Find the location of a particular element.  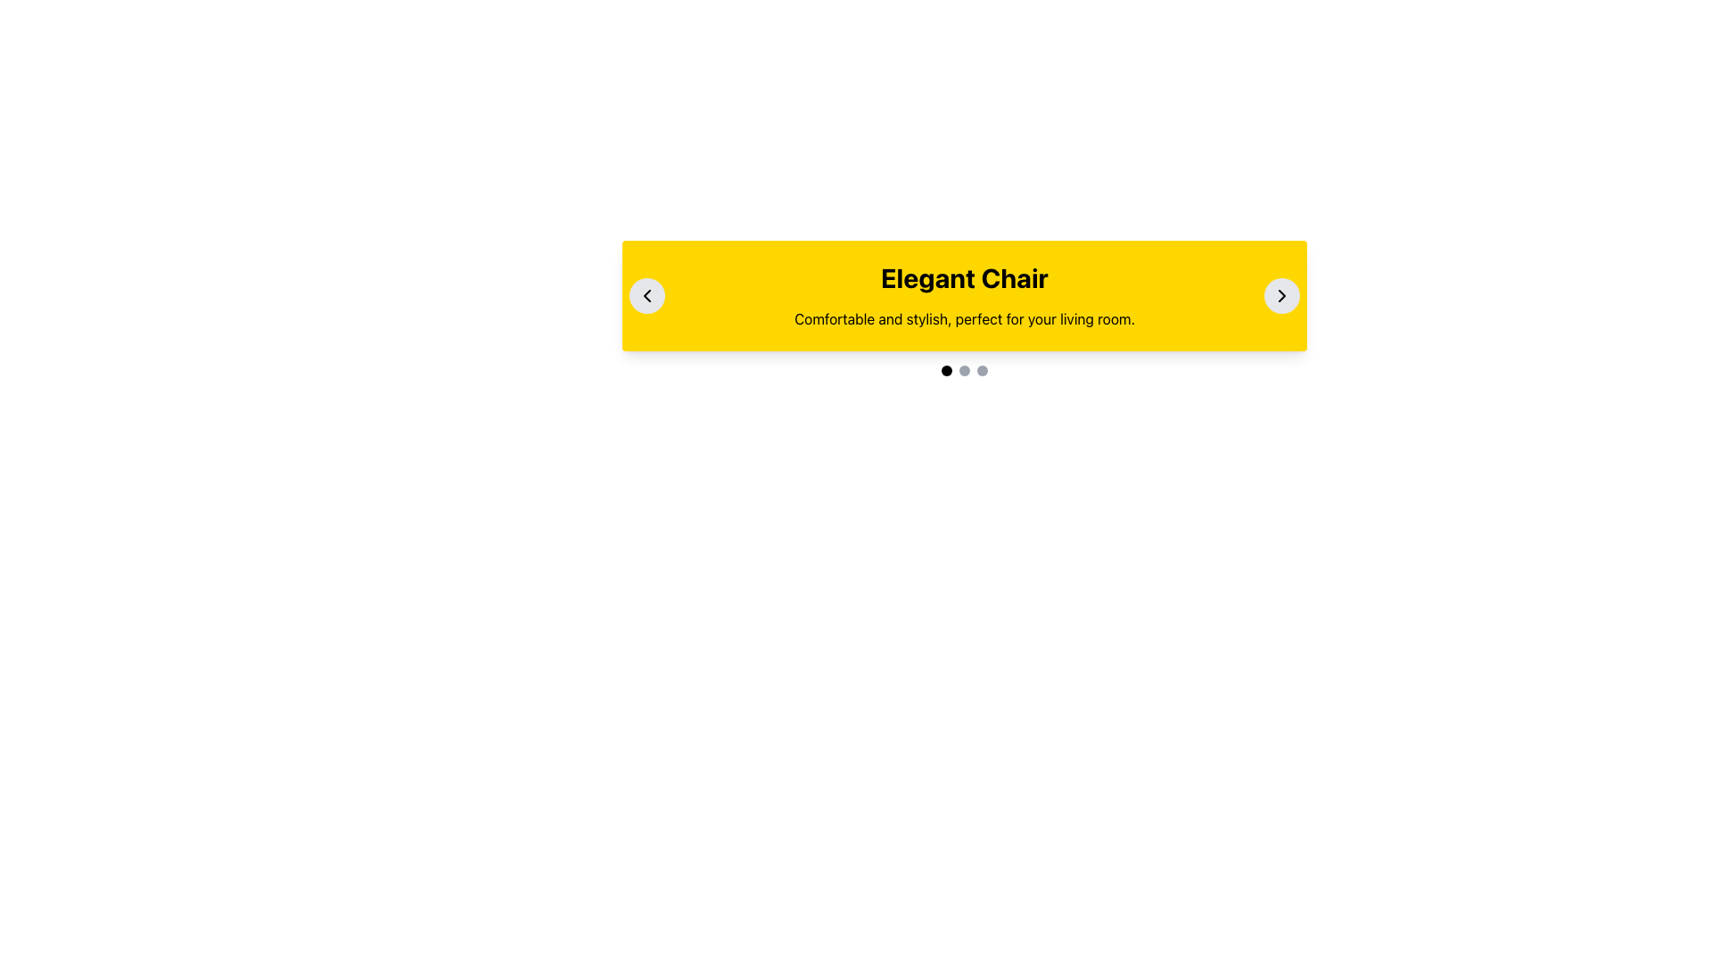

the right-pointing arrow-shaped icon inside the circular button on the right side of the yellow banner is located at coordinates (1281, 294).